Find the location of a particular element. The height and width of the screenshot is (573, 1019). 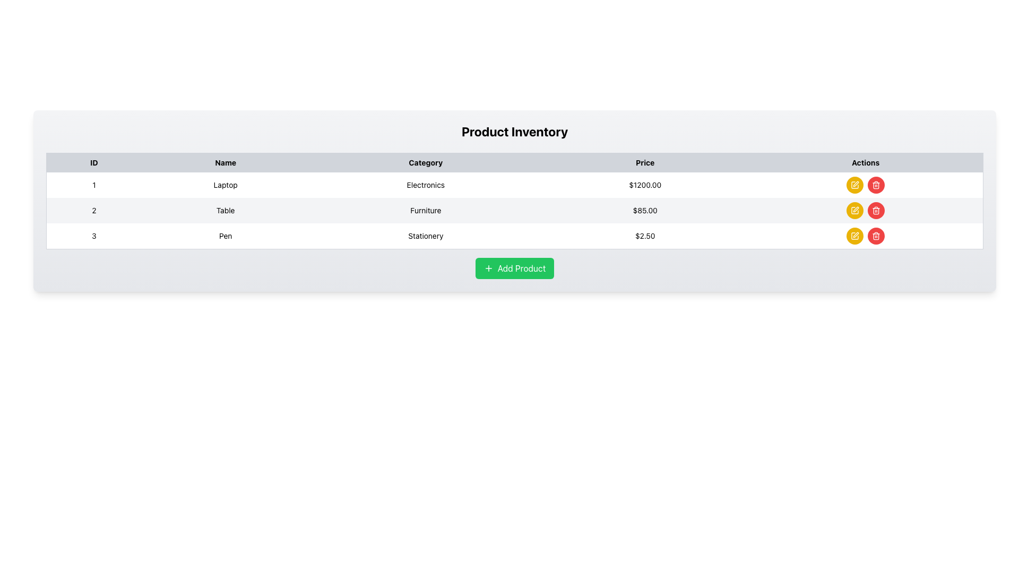

the 'Edit' button, which is the first icon inside the circular yellow button located in the 'Actions' column of the third row of the table under the 'Product Inventory' title is located at coordinates (855, 235).